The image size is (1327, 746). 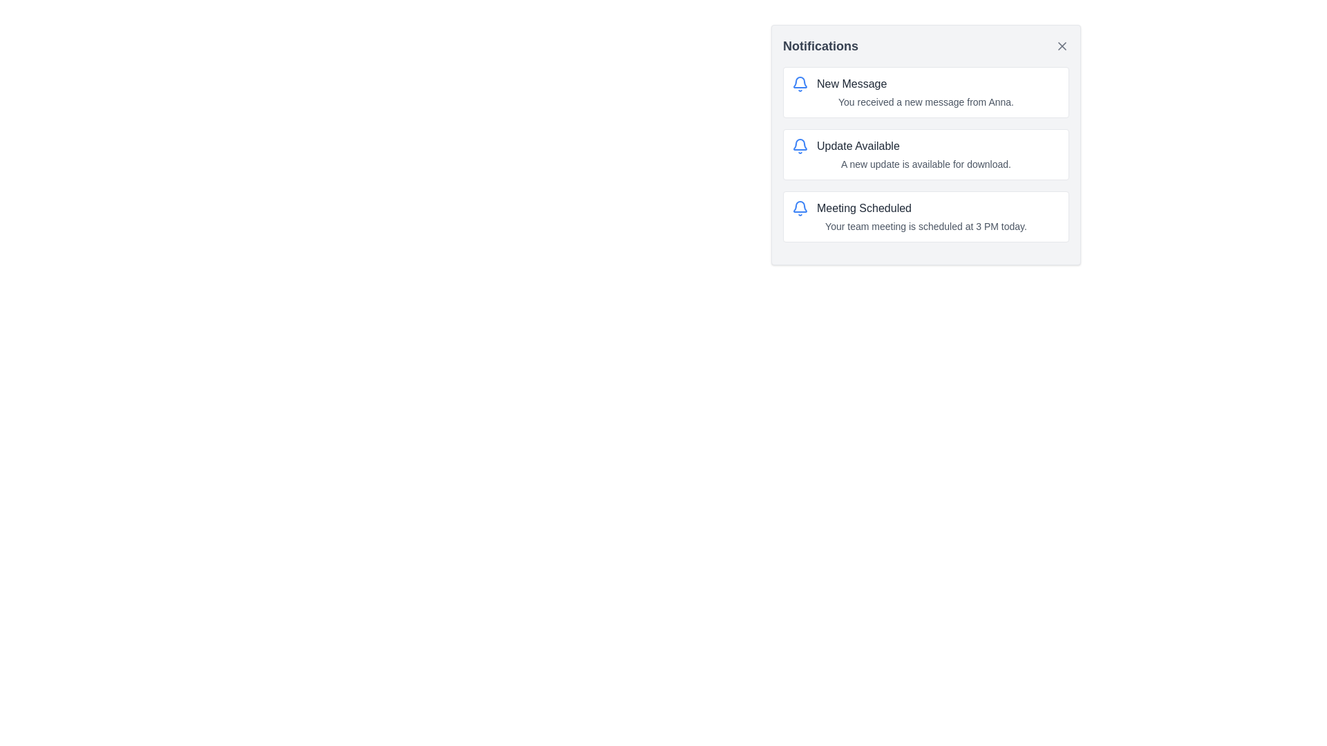 What do you see at coordinates (800, 144) in the screenshot?
I see `the bell icon located in the second notification card of the notifications list, which indicates an update is available` at bounding box center [800, 144].